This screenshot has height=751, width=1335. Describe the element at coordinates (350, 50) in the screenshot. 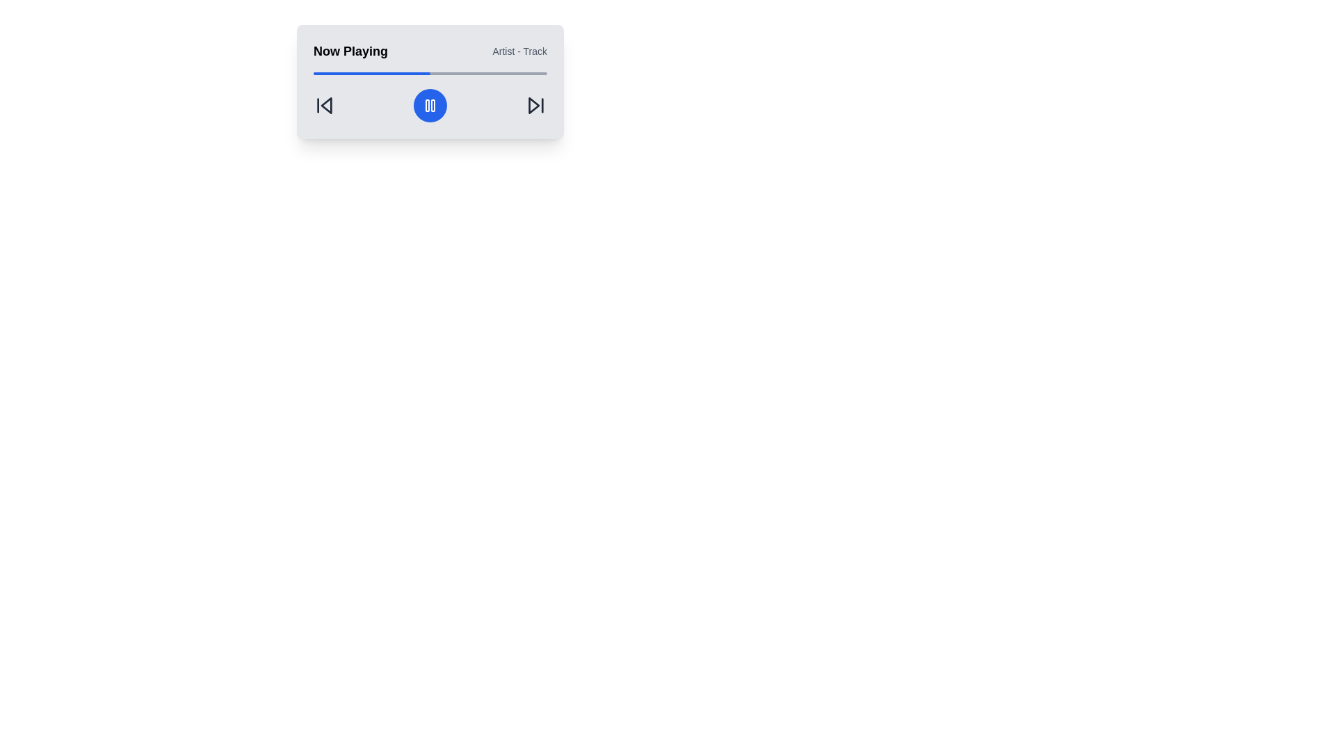

I see `the 'Now Playing' text label, which is prominently displayed in bold black font on a light gray background, located in the upper-left corner of the media playback panel` at that location.